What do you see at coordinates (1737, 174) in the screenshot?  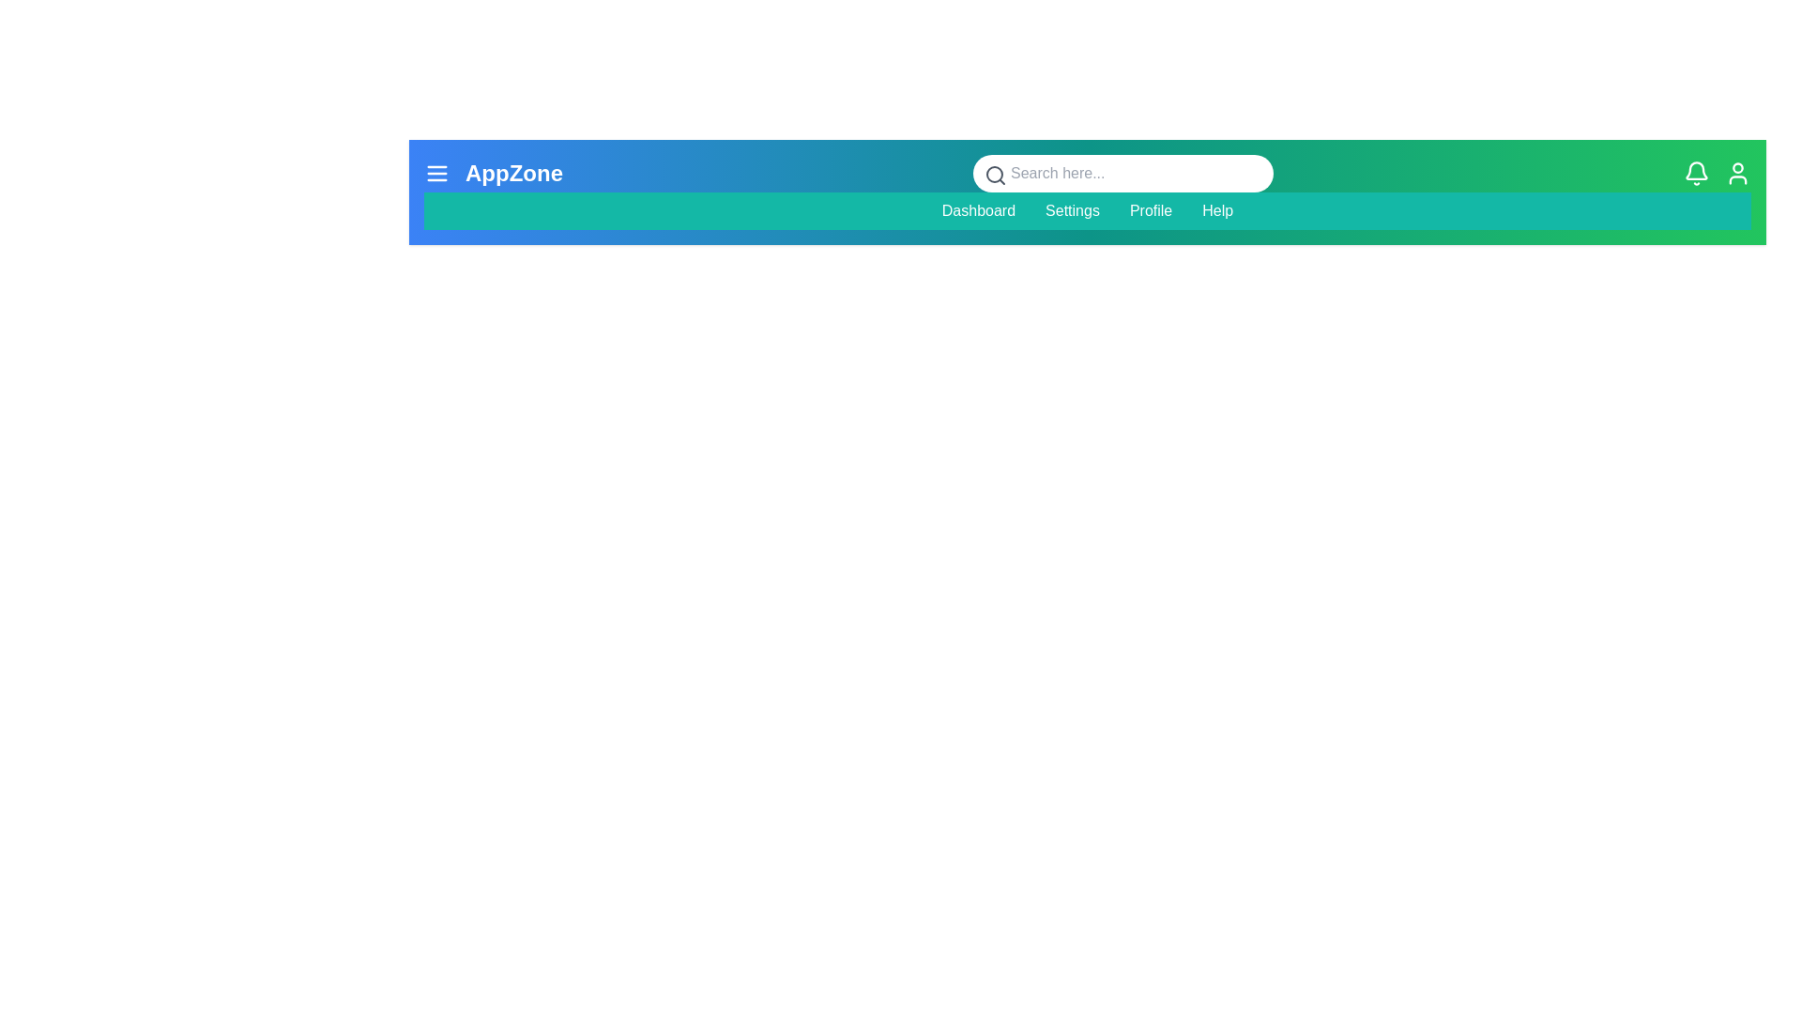 I see `the user icon to view the user profile` at bounding box center [1737, 174].